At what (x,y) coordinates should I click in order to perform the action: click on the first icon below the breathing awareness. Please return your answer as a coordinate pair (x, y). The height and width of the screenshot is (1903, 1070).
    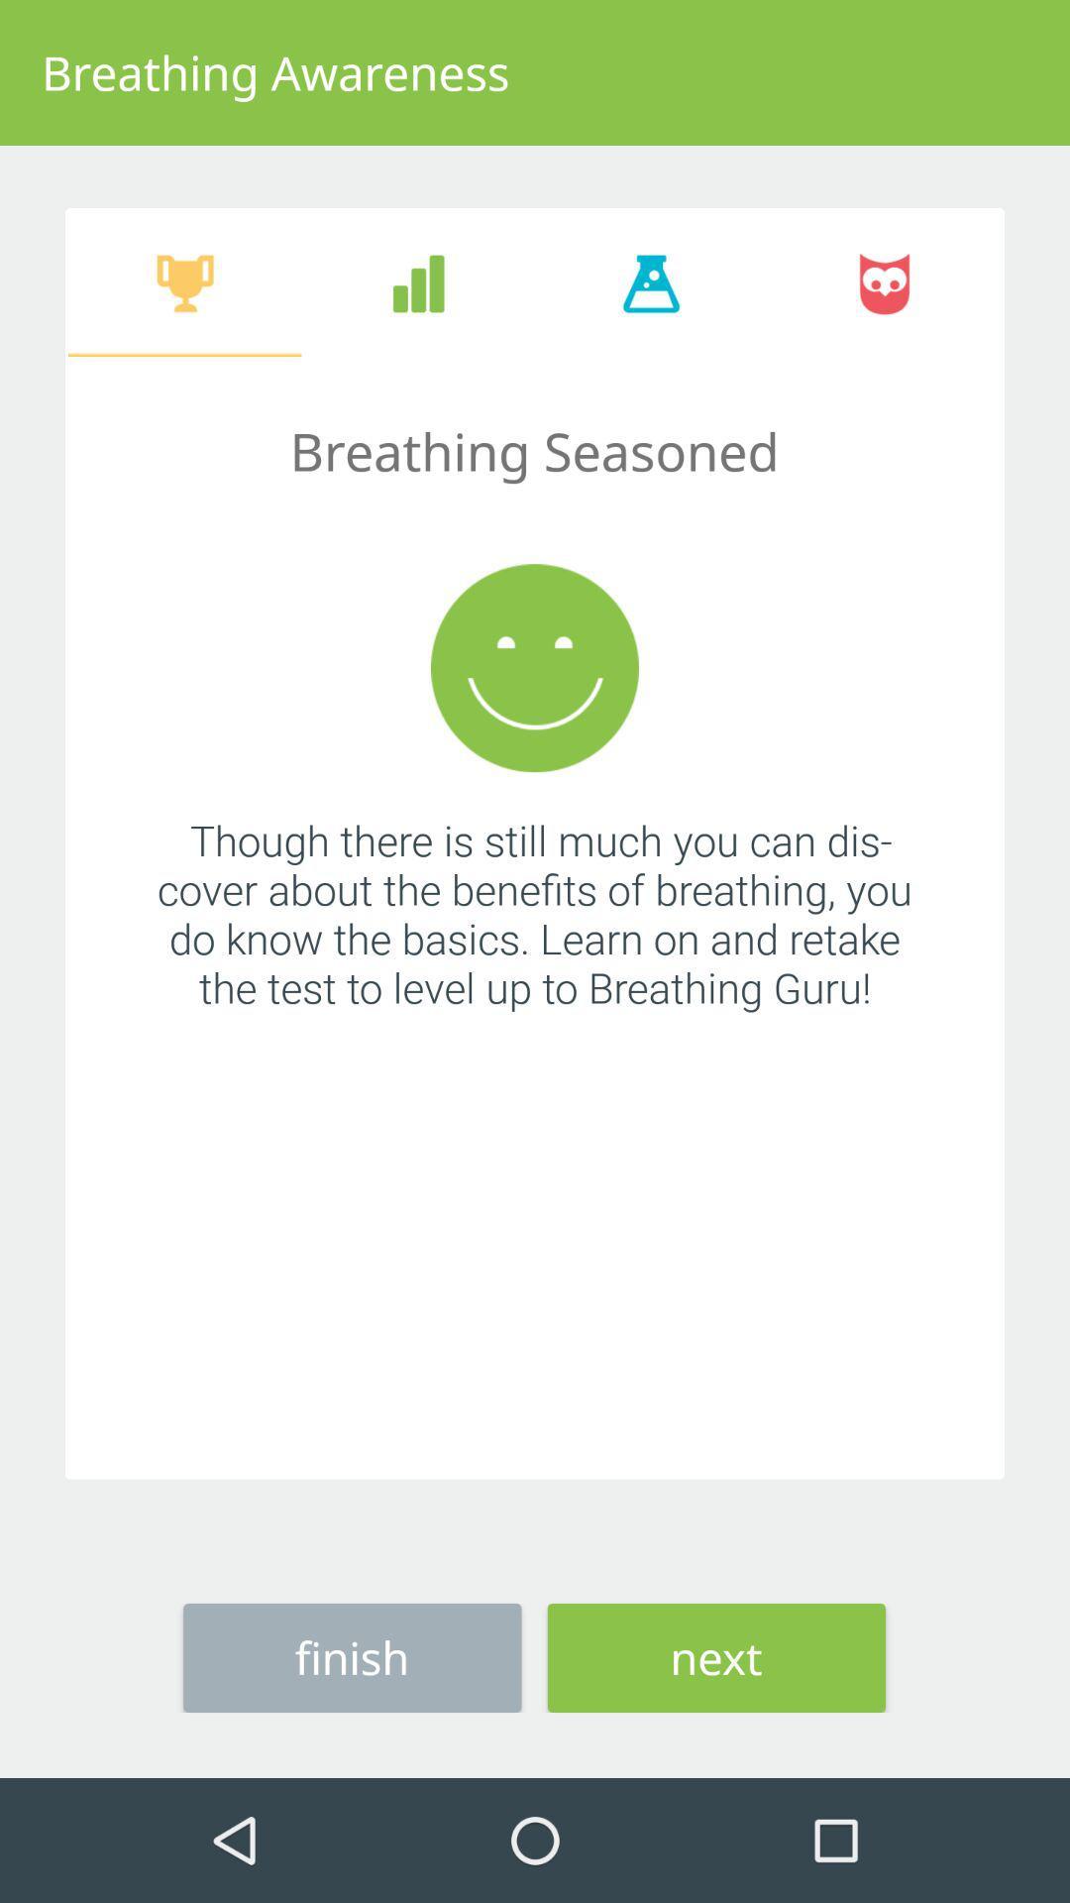
    Looking at the image, I should click on (184, 282).